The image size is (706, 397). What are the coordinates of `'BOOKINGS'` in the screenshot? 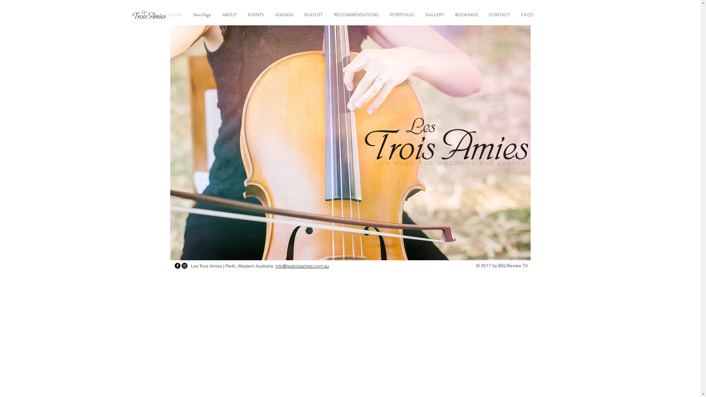 It's located at (466, 15).